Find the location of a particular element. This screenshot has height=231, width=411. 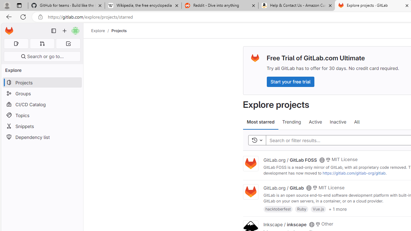

'Reddit - Dive into anything' is located at coordinates (220, 5).